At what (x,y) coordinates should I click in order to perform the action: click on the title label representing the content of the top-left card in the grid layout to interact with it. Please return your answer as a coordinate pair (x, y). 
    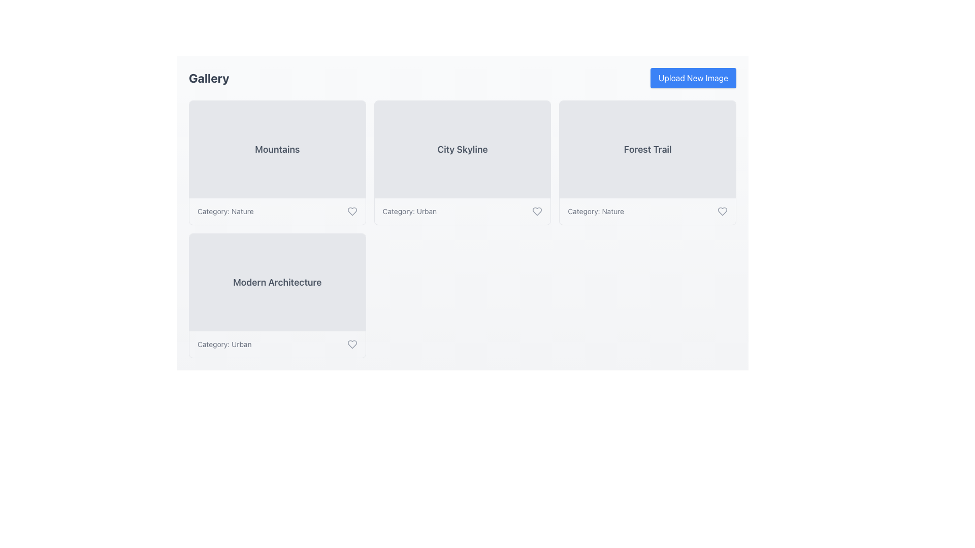
    Looking at the image, I should click on (277, 149).